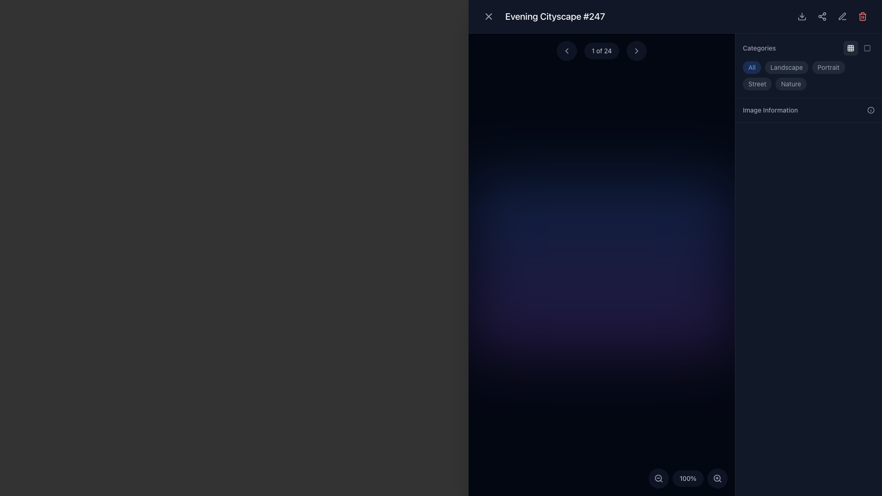 The height and width of the screenshot is (496, 882). What do you see at coordinates (859, 48) in the screenshot?
I see `the square icon within the layout toggle controls located at the top-right corner of the 'Categories' section to switch to single-item view` at bounding box center [859, 48].